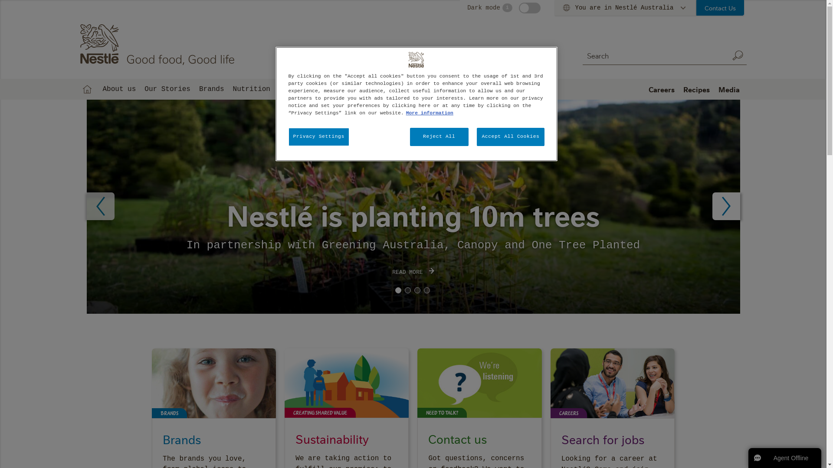 This screenshot has width=833, height=468. Describe the element at coordinates (439, 136) in the screenshot. I see `'Reject All'` at that location.